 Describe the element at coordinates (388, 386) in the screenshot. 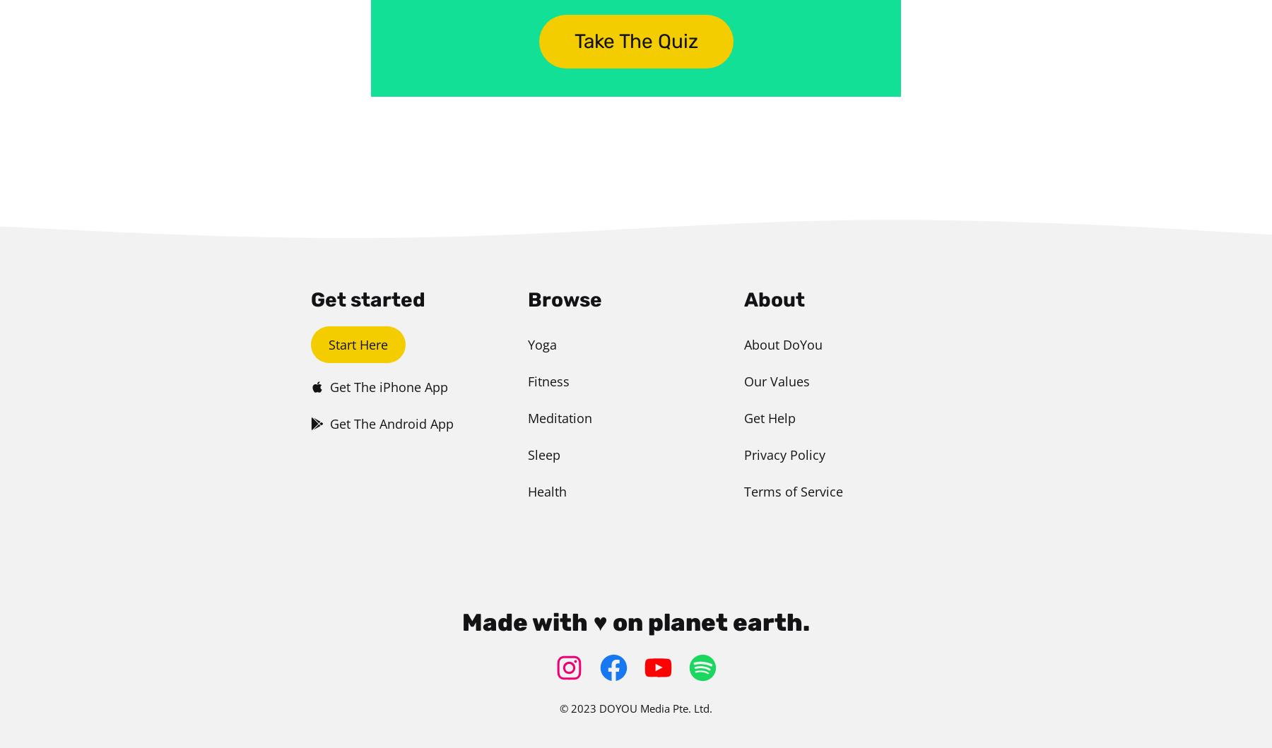

I see `'Get The iPhone App'` at that location.